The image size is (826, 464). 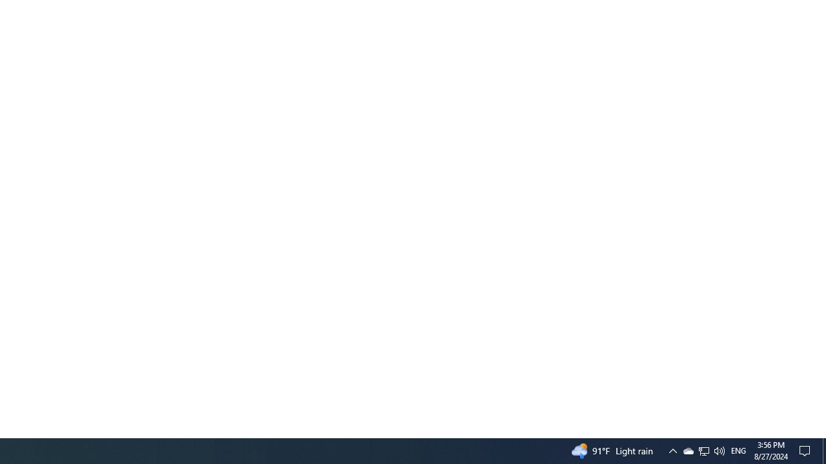 What do you see at coordinates (687, 450) in the screenshot?
I see `'User Promoted Notification Area'` at bounding box center [687, 450].